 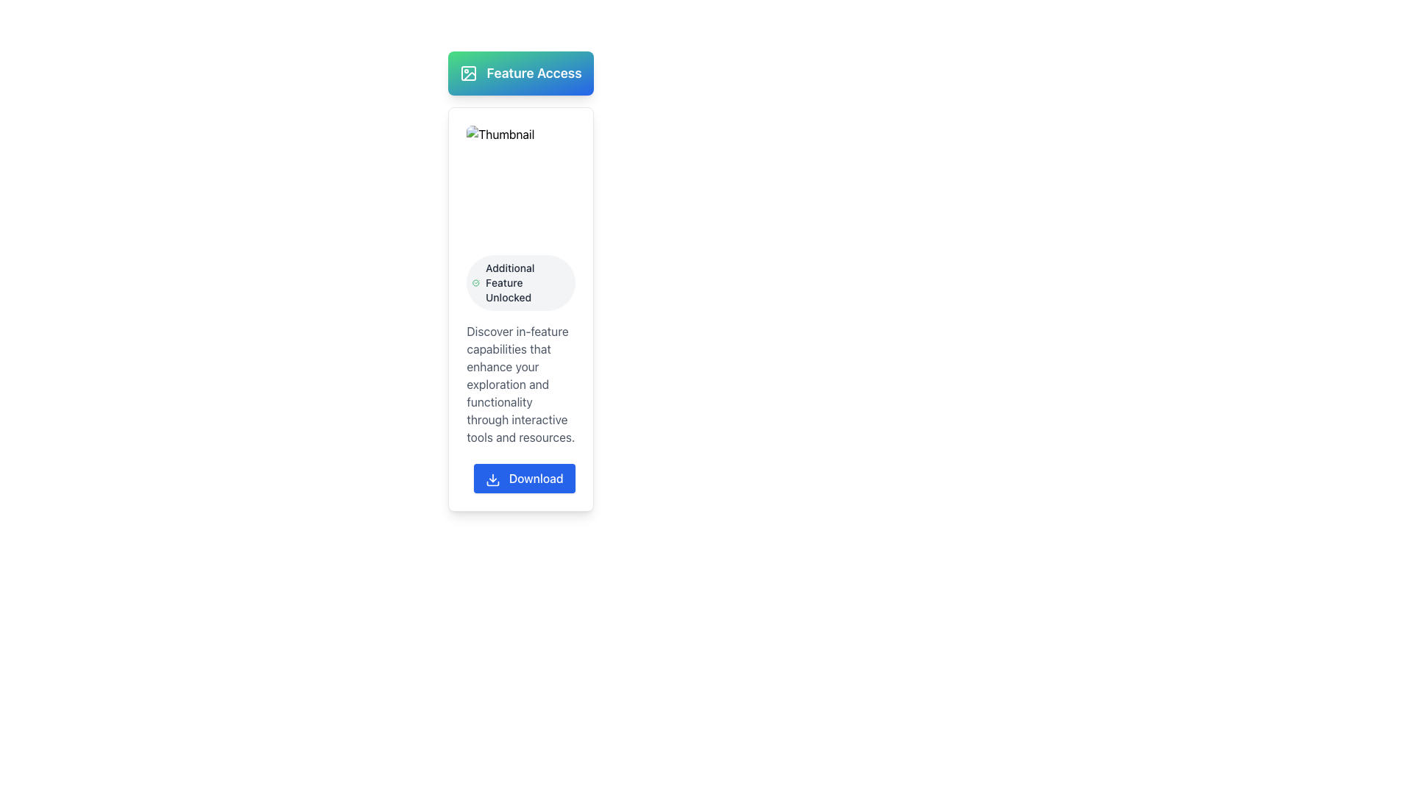 I want to click on the blue 'Download' button with white text and a downward arrow icon, so click(x=524, y=479).